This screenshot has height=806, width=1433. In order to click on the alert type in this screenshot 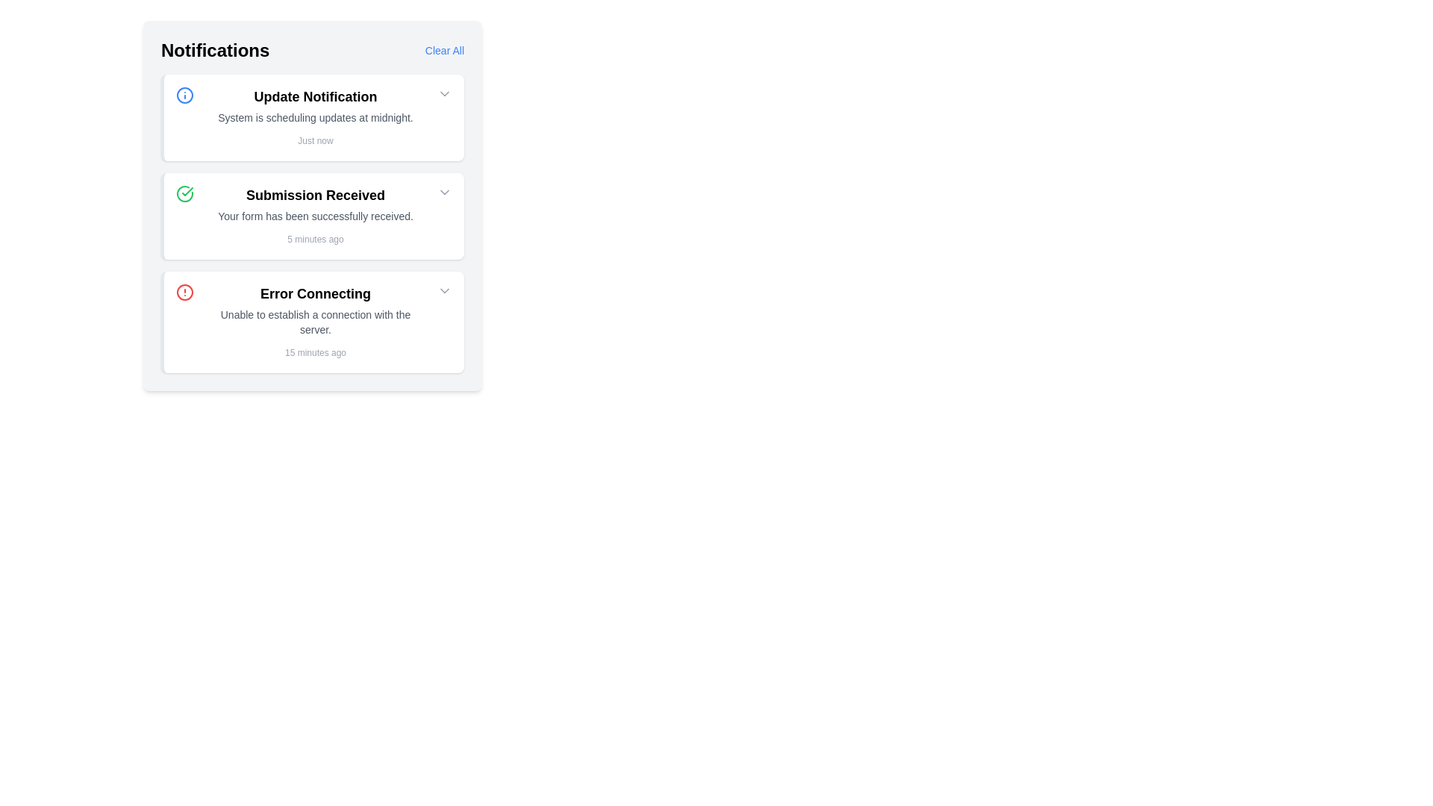, I will do `click(184, 293)`.